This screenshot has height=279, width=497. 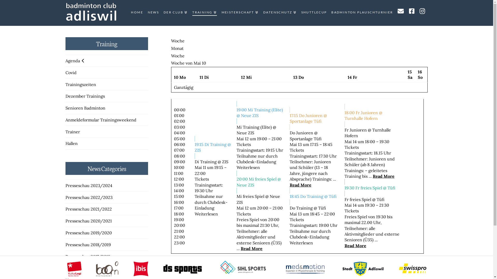 I want to click on 'DER CLUB', so click(x=161, y=13).